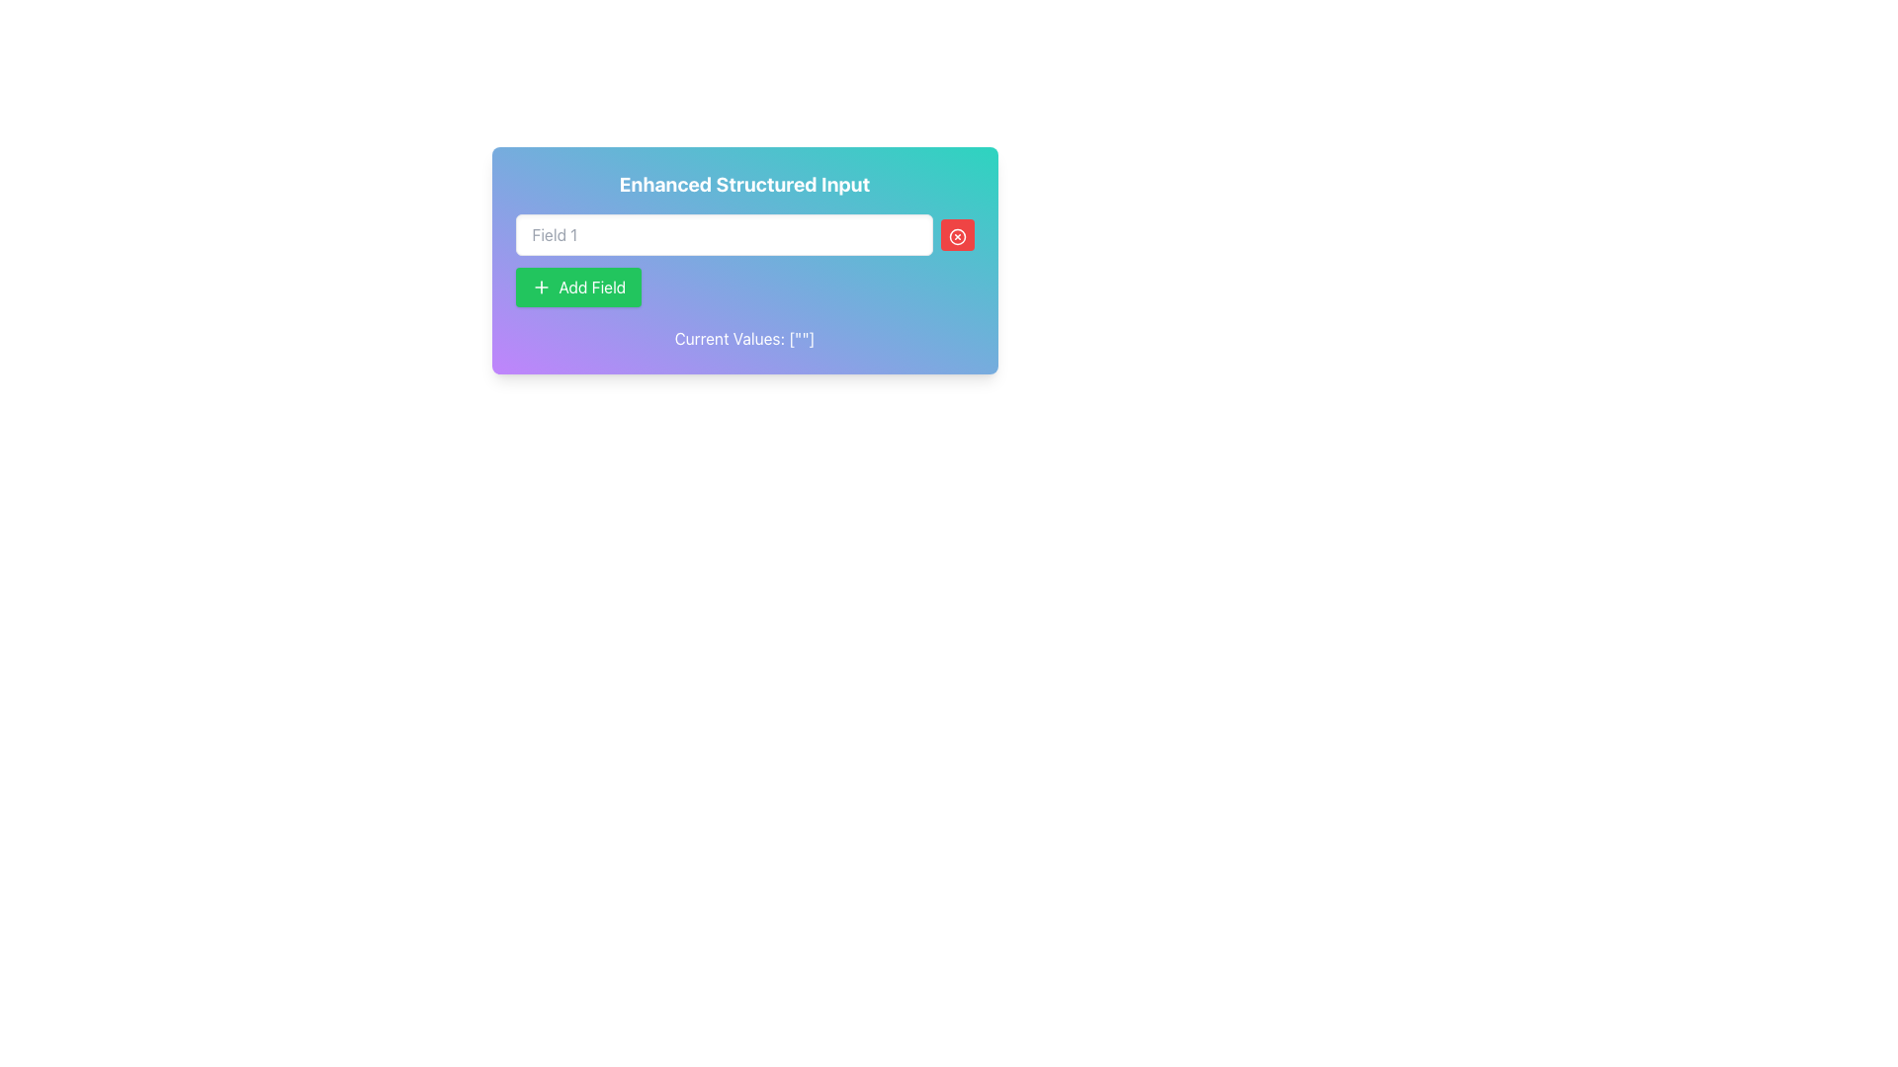  What do you see at coordinates (957, 235) in the screenshot?
I see `the decorative circular icon within the red box, which is part of the close or cancel button for clearing the text input field` at bounding box center [957, 235].